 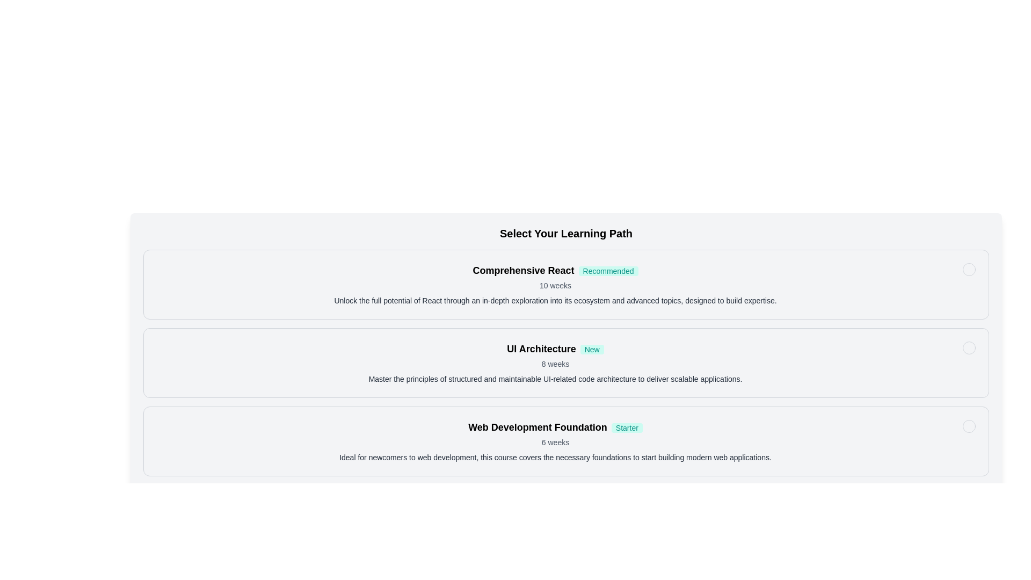 I want to click on text element displaying '10 weeks', which is styled in a smaller font size and located beneath the 'Comprehensive React' heading, serving as part of the course description, so click(x=555, y=285).